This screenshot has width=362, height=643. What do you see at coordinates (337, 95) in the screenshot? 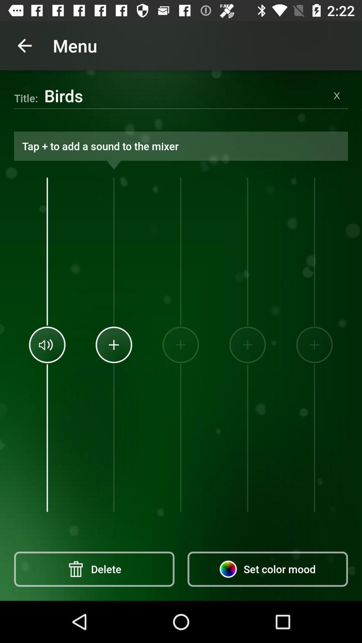
I see `screen` at bounding box center [337, 95].